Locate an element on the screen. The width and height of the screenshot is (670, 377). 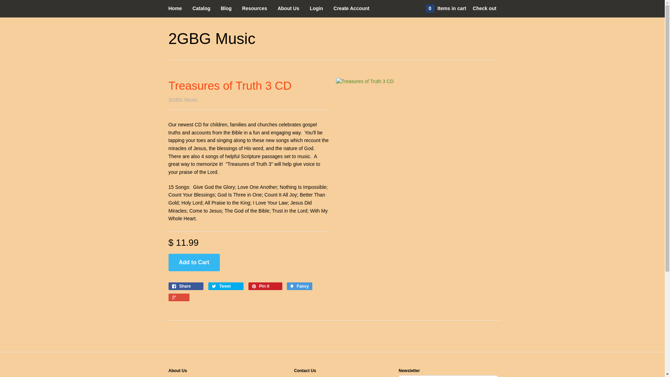
'Create Account' is located at coordinates (351, 8).